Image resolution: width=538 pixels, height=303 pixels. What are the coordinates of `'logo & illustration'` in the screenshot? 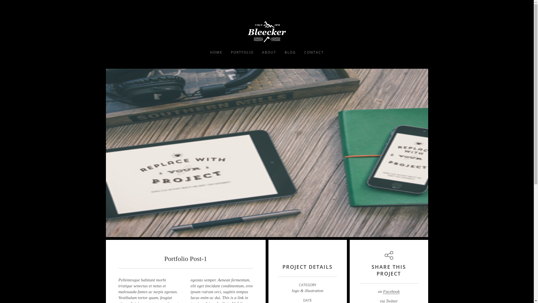 It's located at (307, 290).